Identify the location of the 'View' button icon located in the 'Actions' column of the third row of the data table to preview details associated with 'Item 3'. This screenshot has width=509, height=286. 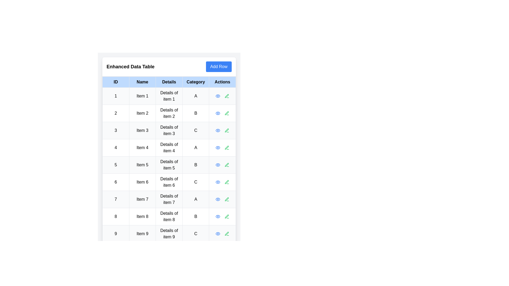
(218, 131).